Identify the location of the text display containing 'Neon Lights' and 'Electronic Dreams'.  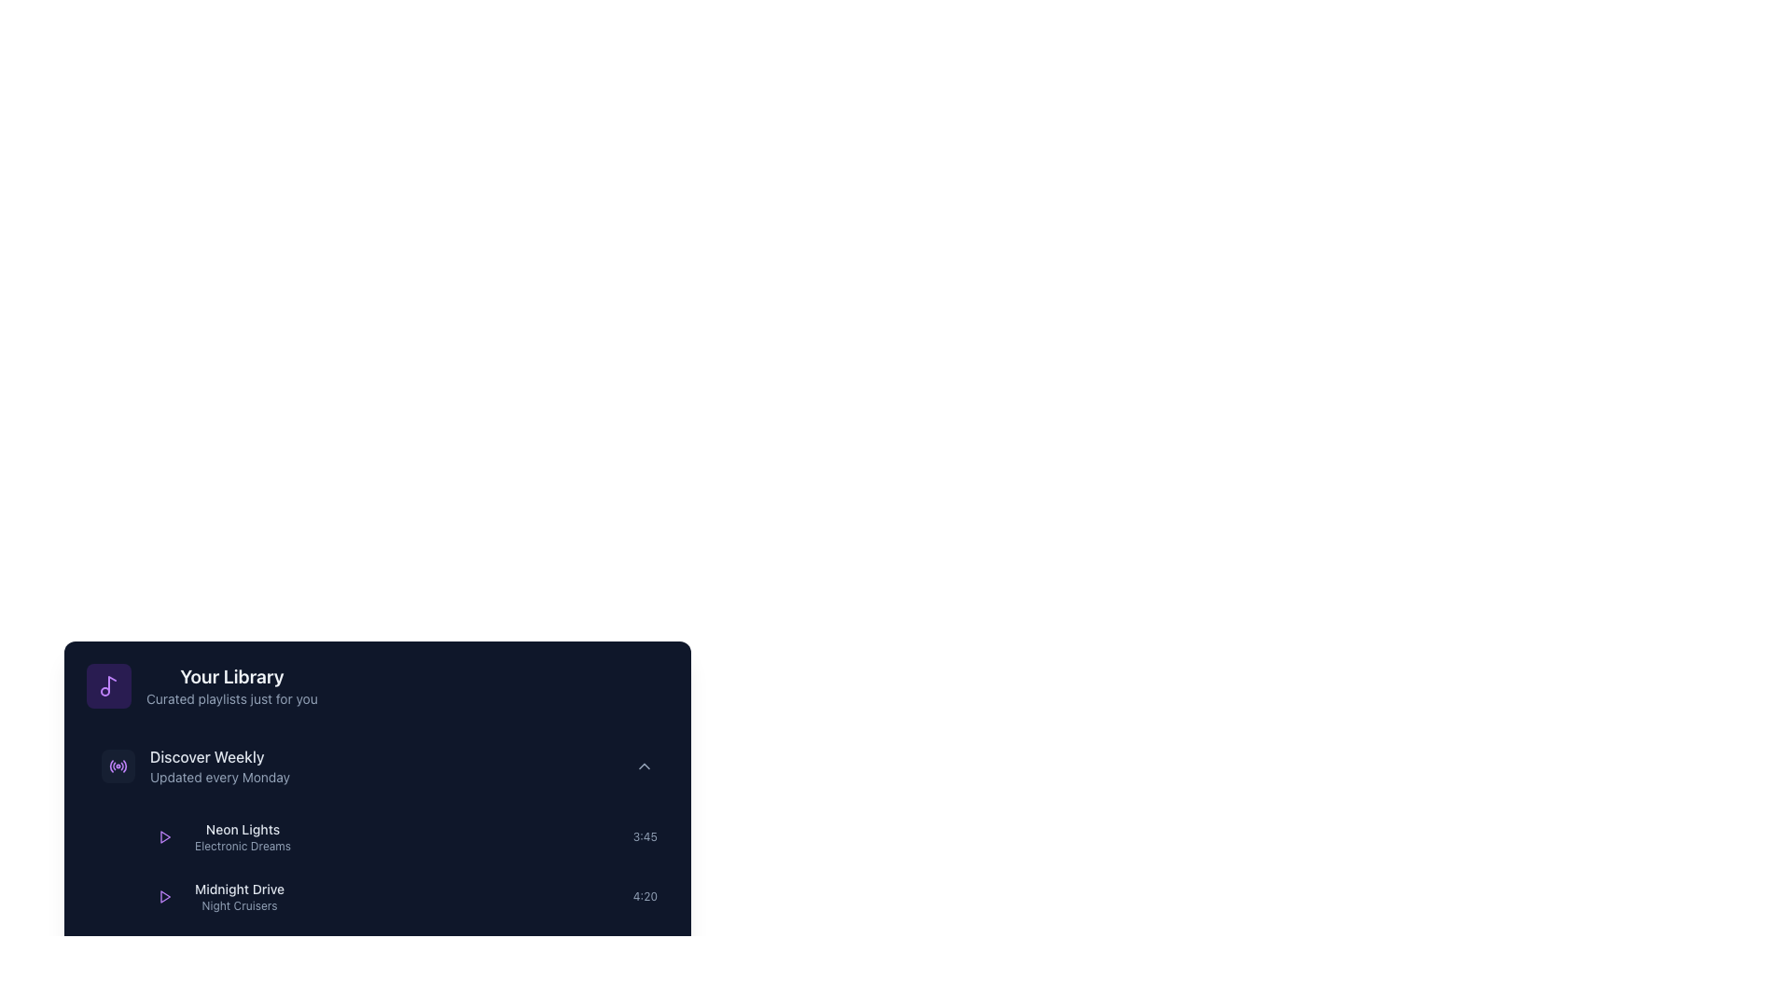
(220, 836).